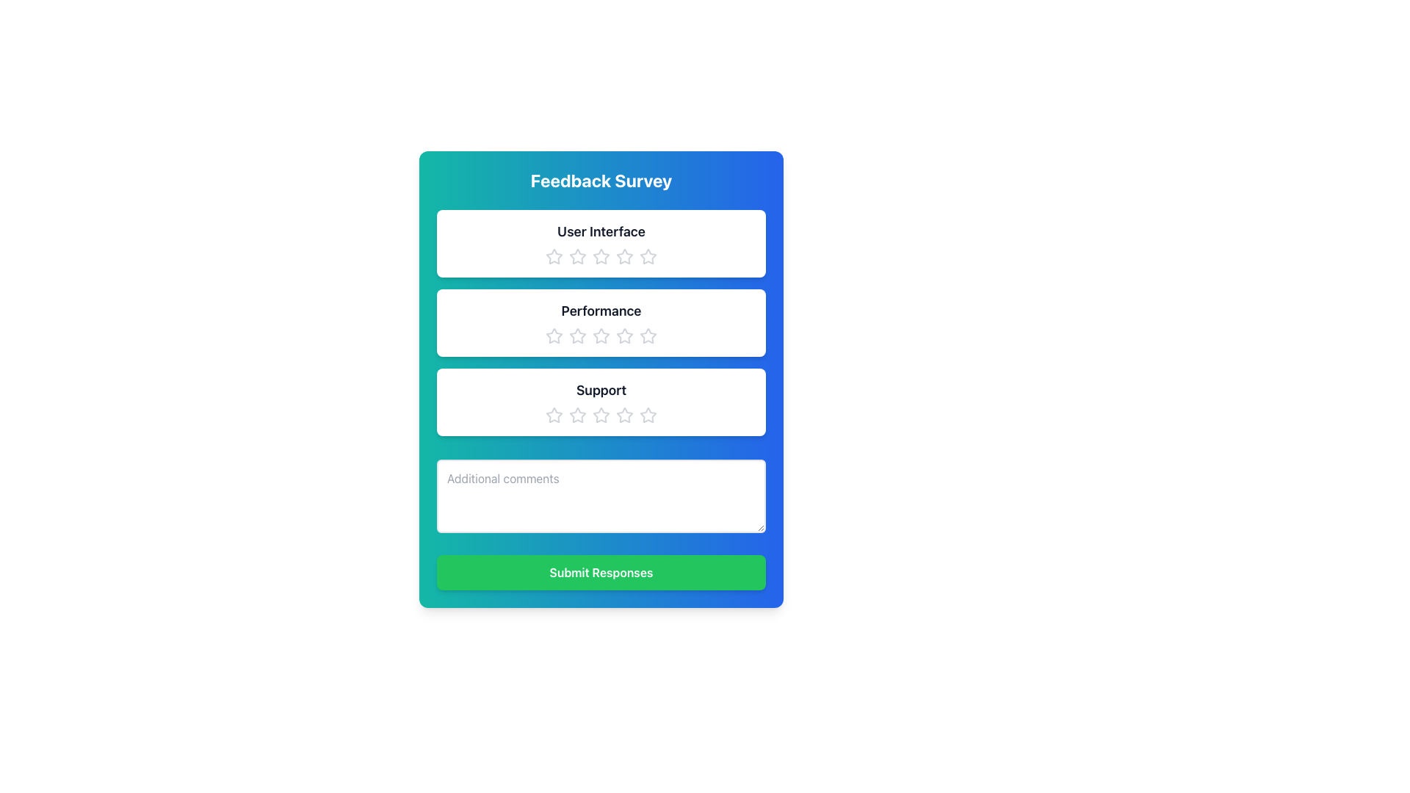  Describe the element at coordinates (648, 336) in the screenshot. I see `the fifth star-shaped rating icon in the 'Performance' section of the feedback survey to rate it` at that location.